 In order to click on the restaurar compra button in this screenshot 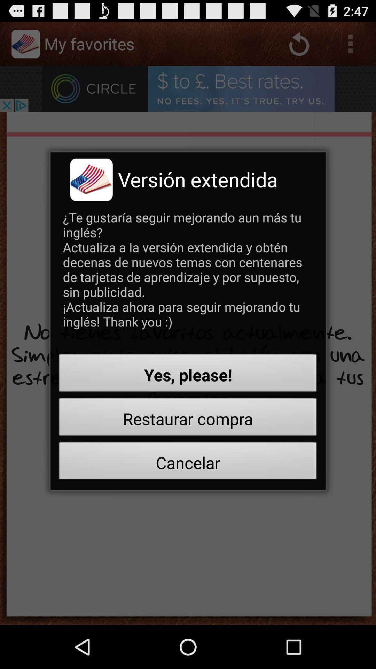, I will do `click(188, 418)`.